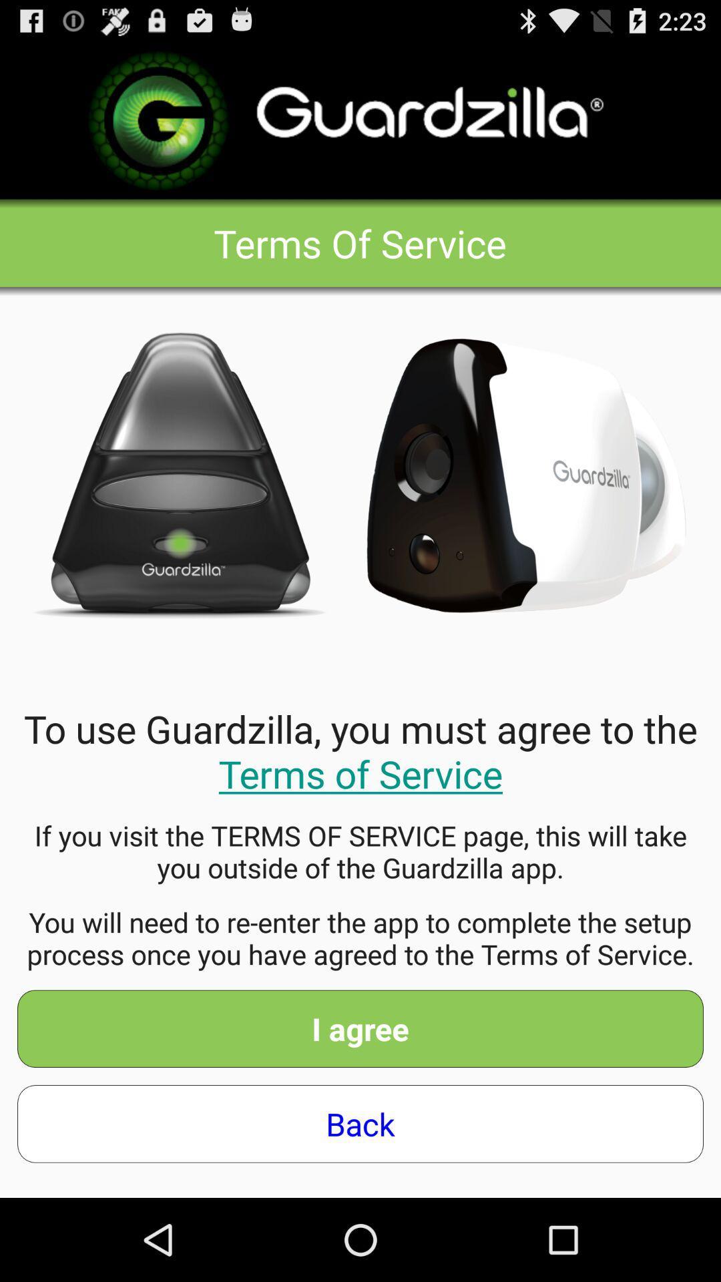 The height and width of the screenshot is (1282, 721). Describe the element at coordinates (360, 1028) in the screenshot. I see `the icon below you will need item` at that location.